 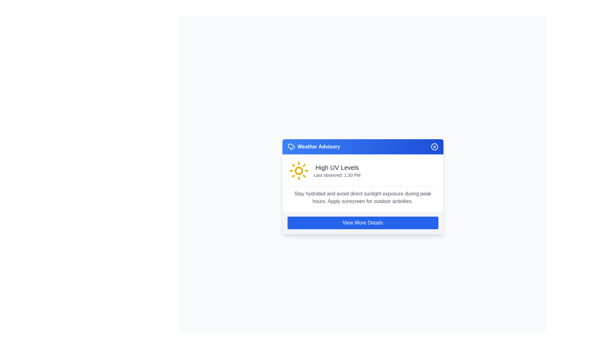 What do you see at coordinates (363, 195) in the screenshot?
I see `the text block that provides guidance on hydration and sun exposure within the 'High UV Levels' card, located above the 'View More Details' button` at bounding box center [363, 195].